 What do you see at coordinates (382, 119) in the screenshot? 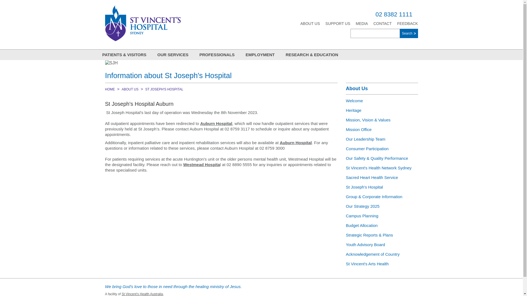
I see `'Mission, Vision & Values'` at bounding box center [382, 119].